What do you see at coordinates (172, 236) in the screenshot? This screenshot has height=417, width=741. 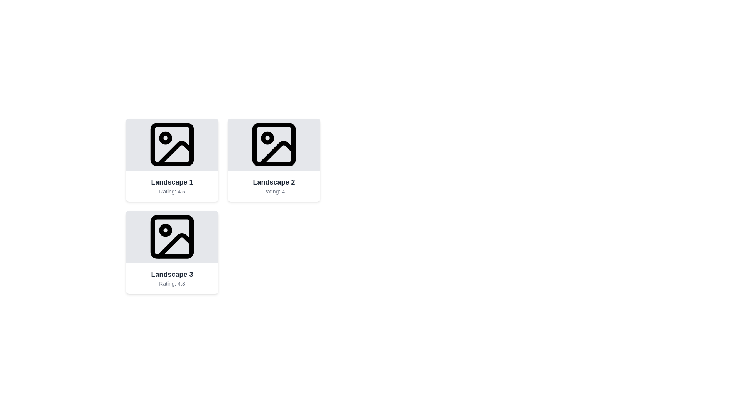 I see `the Image Placeholder representing 'Landscape 3'` at bounding box center [172, 236].